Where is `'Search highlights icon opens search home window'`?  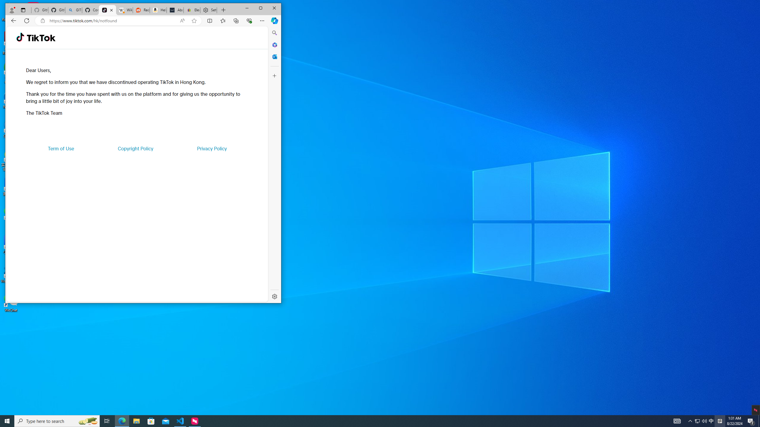
'Search highlights icon opens search home window' is located at coordinates (87, 420).